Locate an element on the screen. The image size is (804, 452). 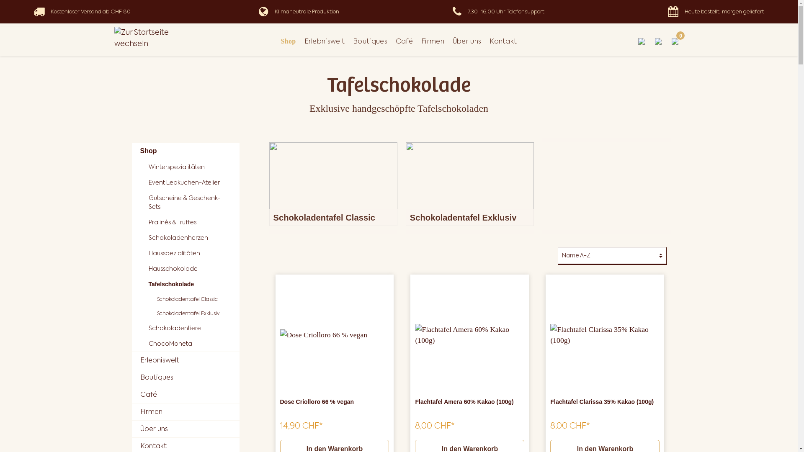
'Firmen' is located at coordinates (185, 411).